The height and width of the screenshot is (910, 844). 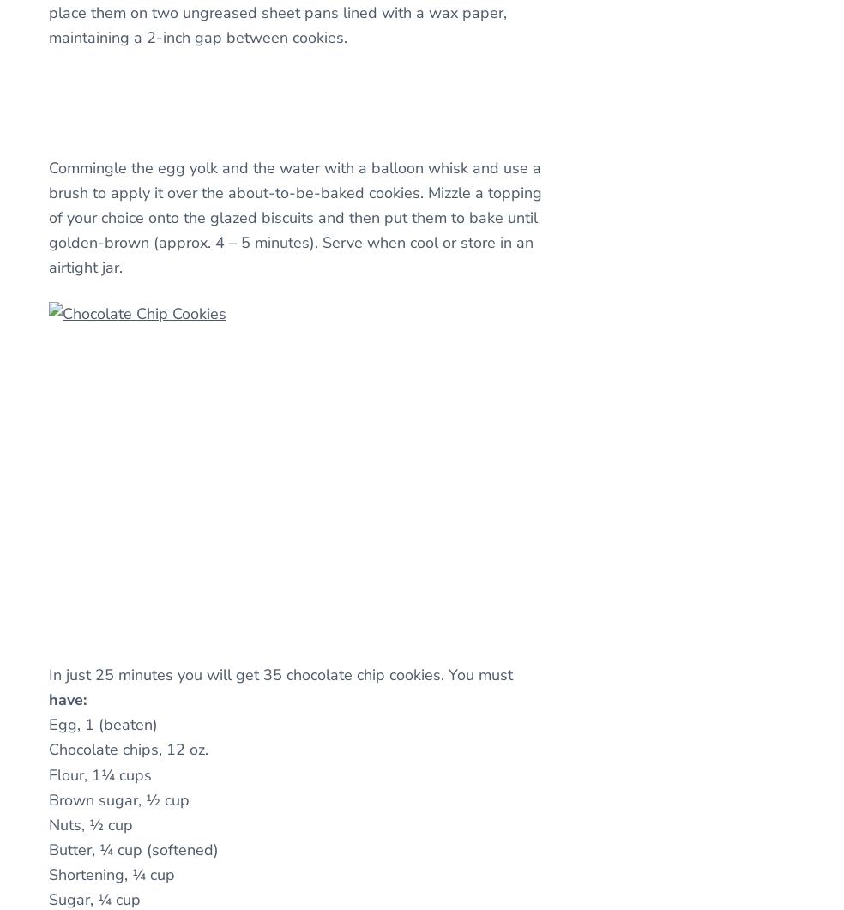 I want to click on 'Brown sugar, ½ cup', so click(x=119, y=798).